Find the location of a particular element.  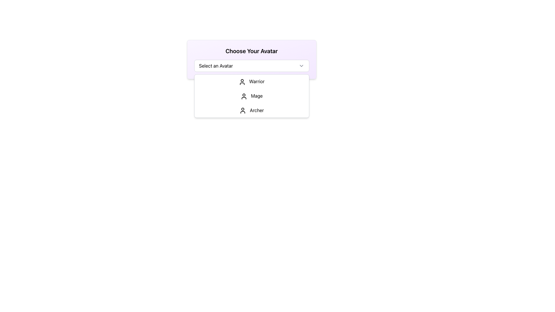

the first option in the 'Choose Your Avatar' dropdown menu, which is labeled 'Warrior' is located at coordinates (251, 81).